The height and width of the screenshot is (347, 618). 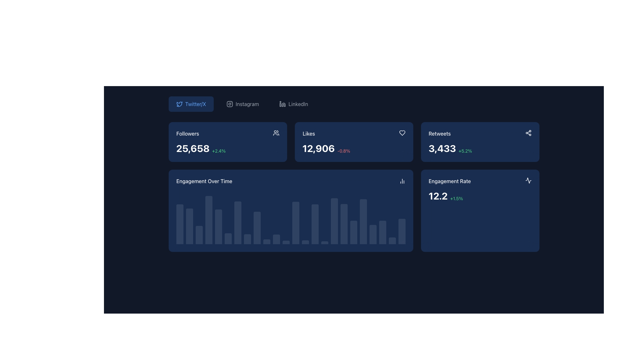 What do you see at coordinates (230, 104) in the screenshot?
I see `the Instagram logo icon located in the top bar, which features a rounded square with a camera lens and is positioned to the right of the Twitter/X button` at bounding box center [230, 104].